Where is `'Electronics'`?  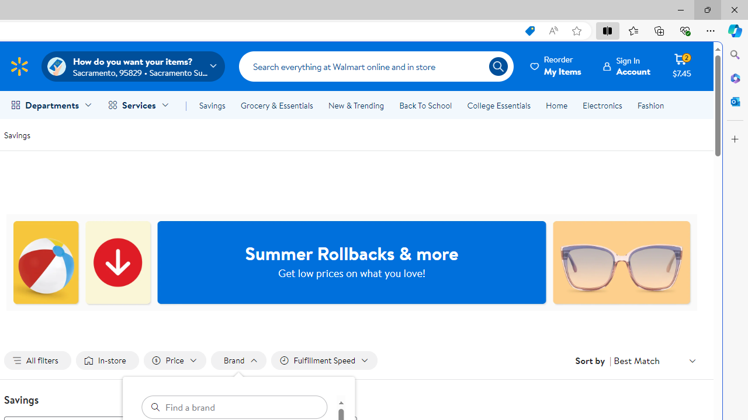 'Electronics' is located at coordinates (602, 106).